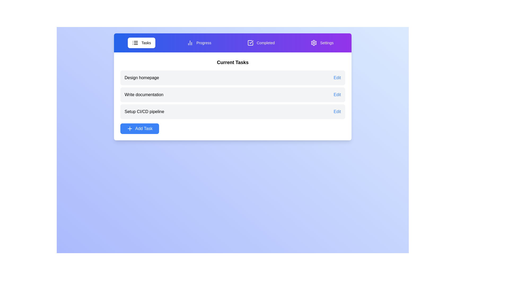 This screenshot has width=509, height=286. What do you see at coordinates (190, 43) in the screenshot?
I see `the 'Progress' icon, which is represented by three vertical bars of varying heights within a blue to purple gradient button, located between the 'Tasks' and 'Completed' buttons in the navigation bar` at bounding box center [190, 43].